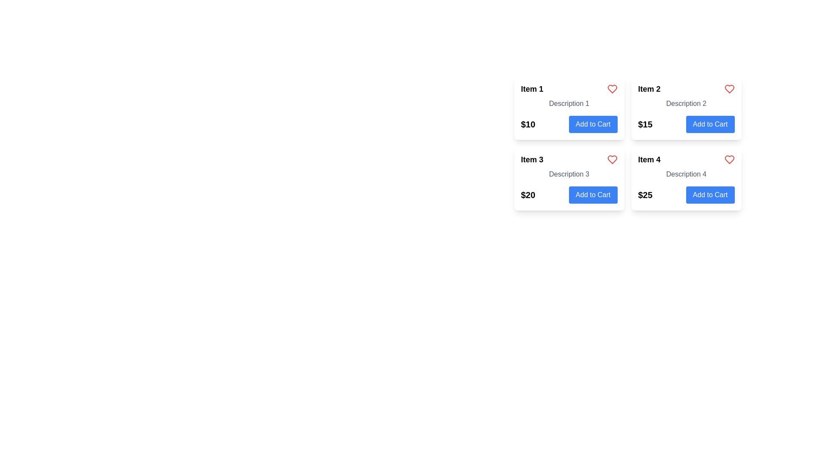  What do you see at coordinates (686, 103) in the screenshot?
I see `the text label displaying 'Description 2' which is styled in gray and located below the title 'Item 2' within its card` at bounding box center [686, 103].